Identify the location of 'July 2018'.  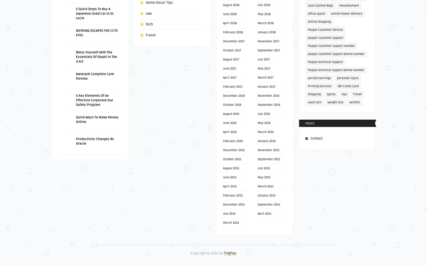
(263, 5).